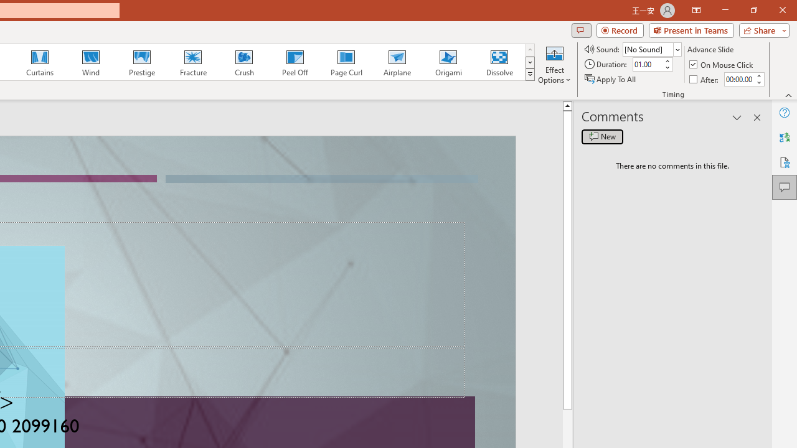 The width and height of the screenshot is (797, 448). Describe the element at coordinates (40, 62) in the screenshot. I see `'Curtains'` at that location.